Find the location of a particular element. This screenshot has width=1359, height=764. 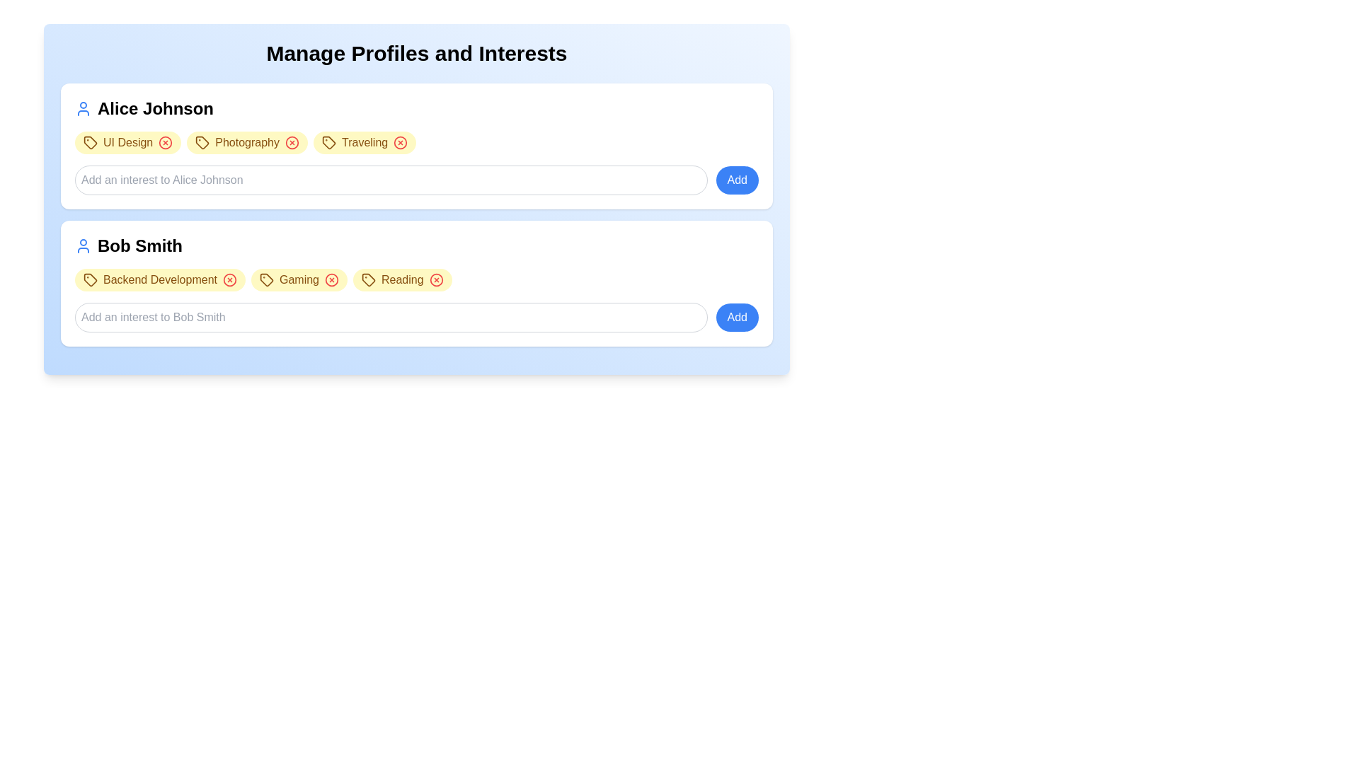

the button located at the bottom right corner of the section labeled 'Bob Smith' is located at coordinates (736, 316).